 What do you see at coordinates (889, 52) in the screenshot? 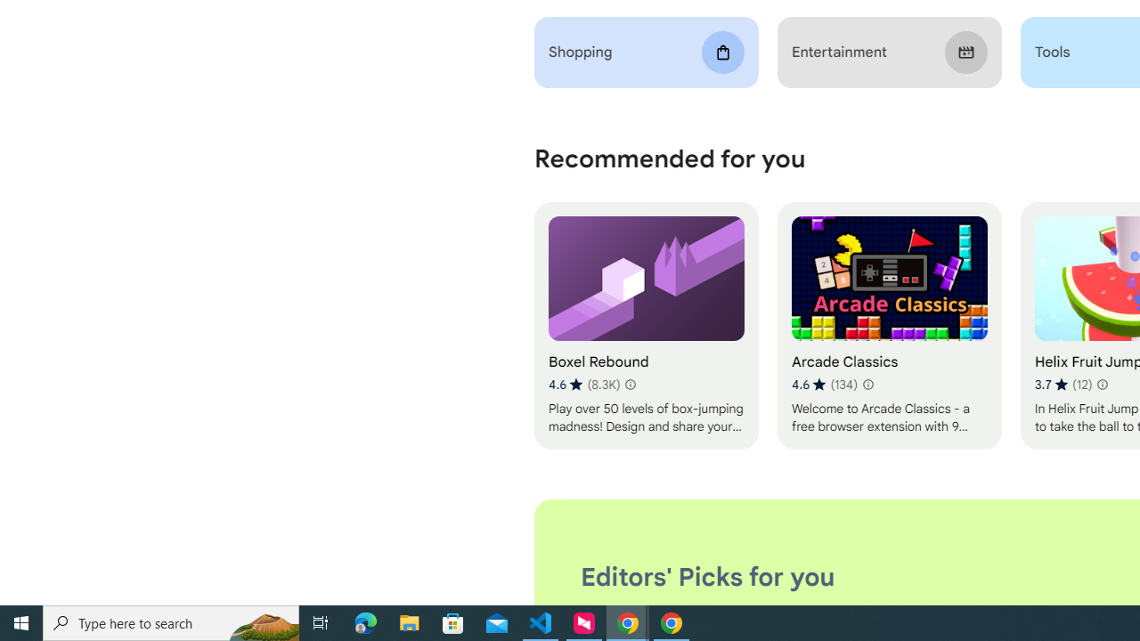
I see `'Entertainment'` at bounding box center [889, 52].